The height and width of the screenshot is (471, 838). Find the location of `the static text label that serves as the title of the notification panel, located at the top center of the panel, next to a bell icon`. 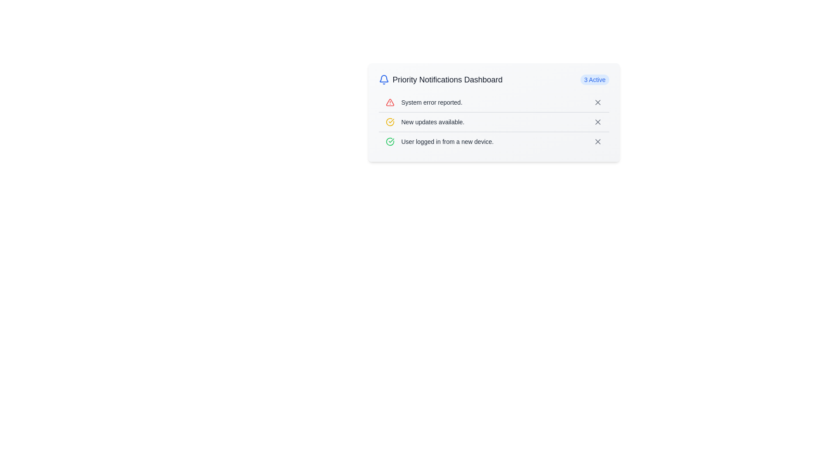

the static text label that serves as the title of the notification panel, located at the top center of the panel, next to a bell icon is located at coordinates (447, 79).